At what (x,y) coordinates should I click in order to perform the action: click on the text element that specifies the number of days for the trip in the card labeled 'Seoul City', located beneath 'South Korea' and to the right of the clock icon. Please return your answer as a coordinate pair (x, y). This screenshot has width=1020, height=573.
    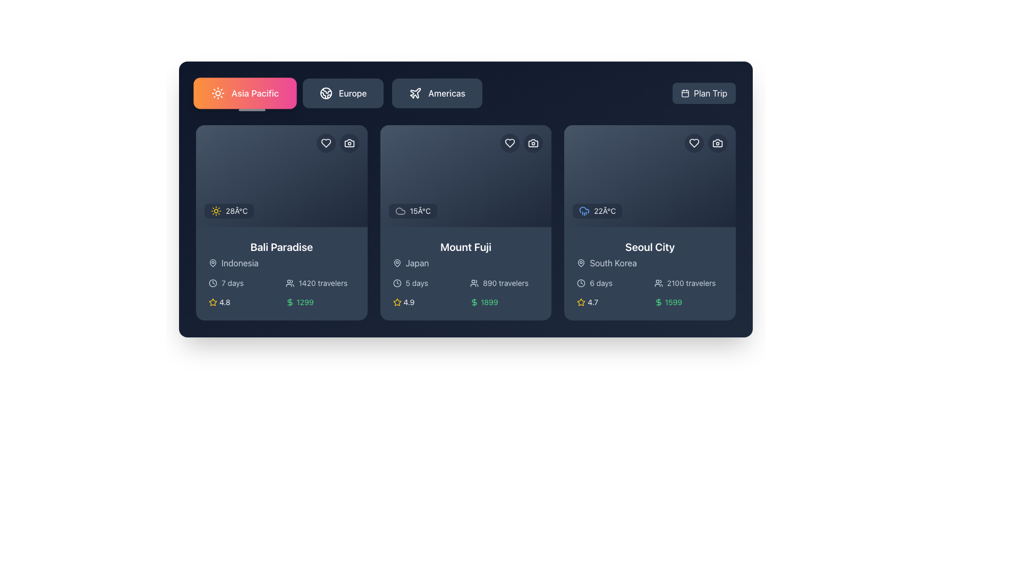
    Looking at the image, I should click on (601, 282).